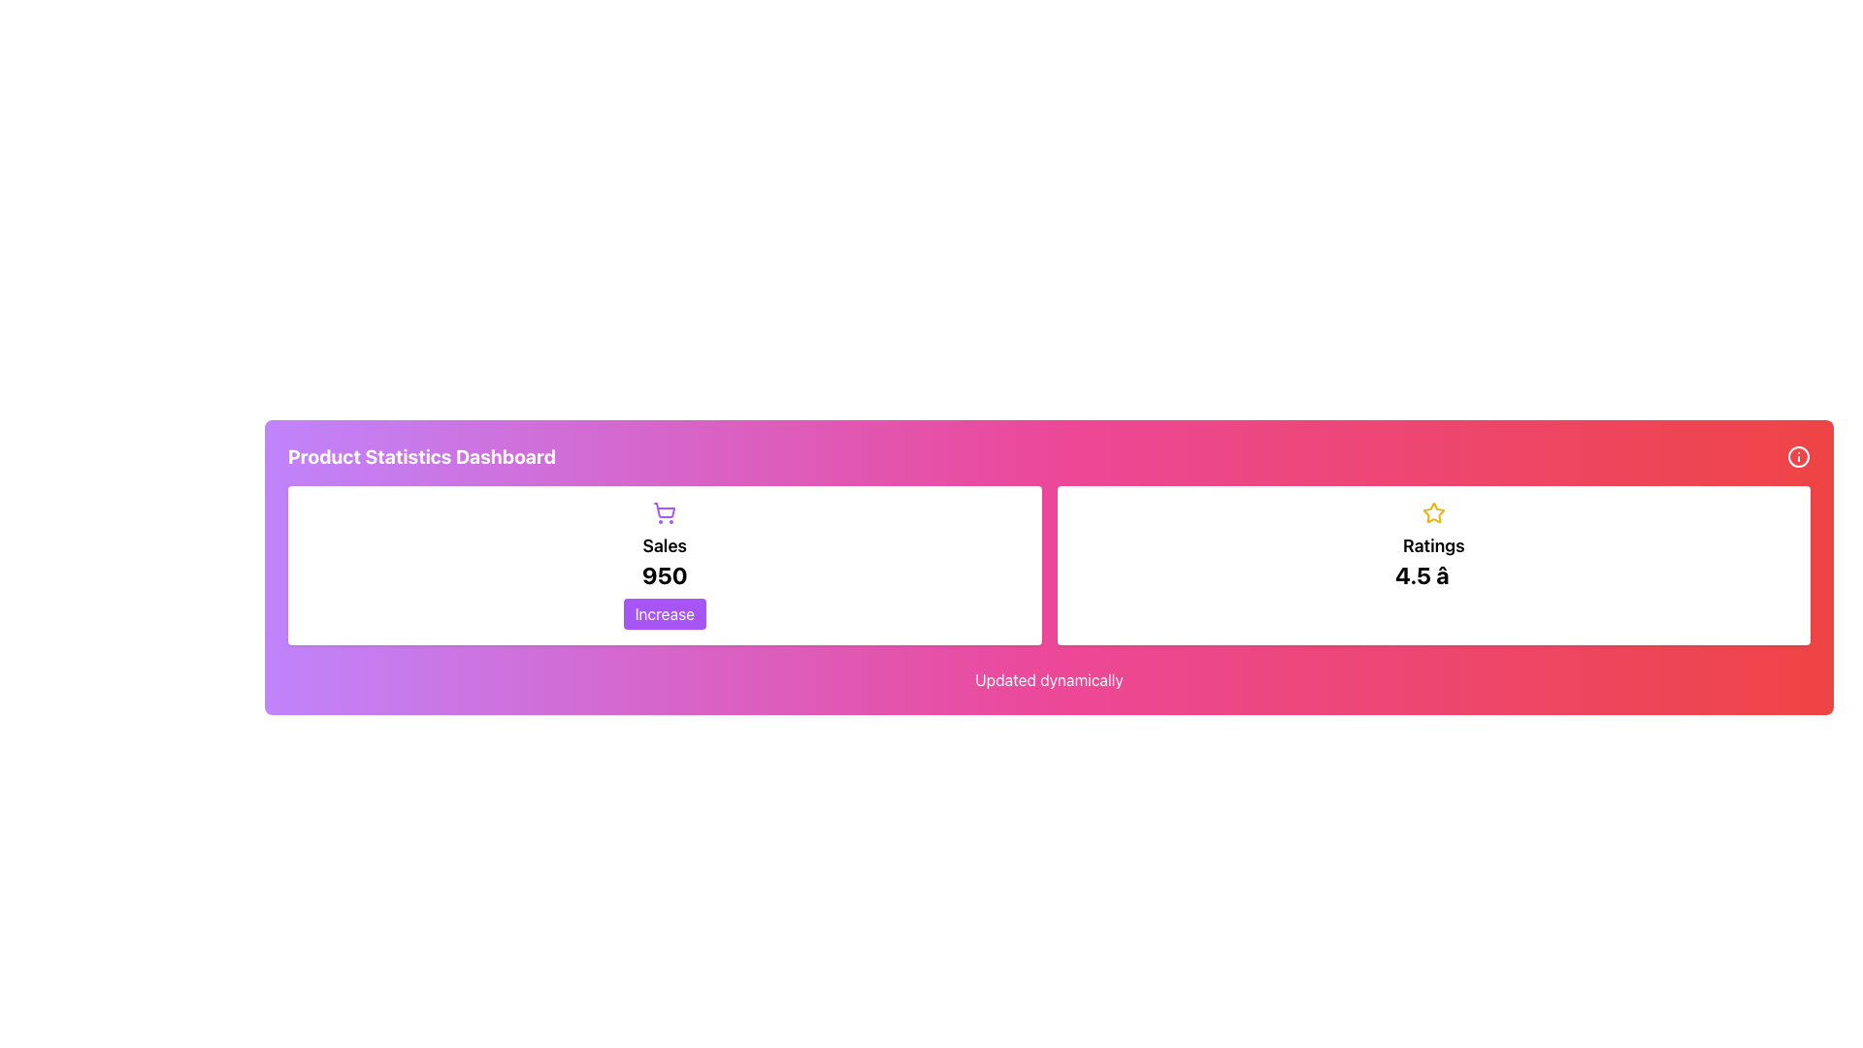 The image size is (1863, 1048). What do you see at coordinates (1433, 511) in the screenshot?
I see `the star icon used for rating, which is located above the rating value of '4.5' in the rightmost card of a horizontal layout of two cards` at bounding box center [1433, 511].